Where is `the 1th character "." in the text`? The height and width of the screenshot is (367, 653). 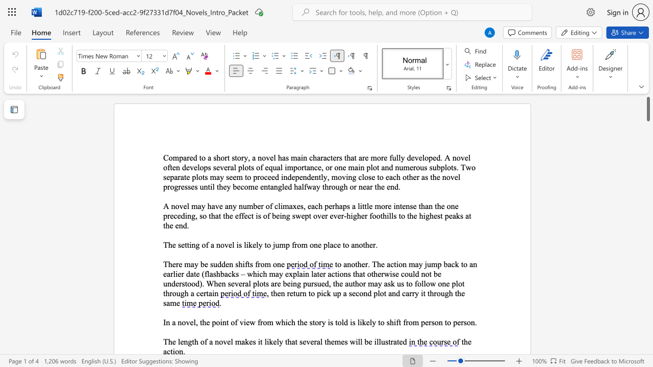
the 1th character "." in the text is located at coordinates (457, 167).